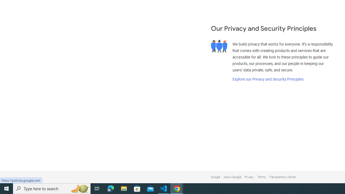  Describe the element at coordinates (261, 177) in the screenshot. I see `'Terms'` at that location.